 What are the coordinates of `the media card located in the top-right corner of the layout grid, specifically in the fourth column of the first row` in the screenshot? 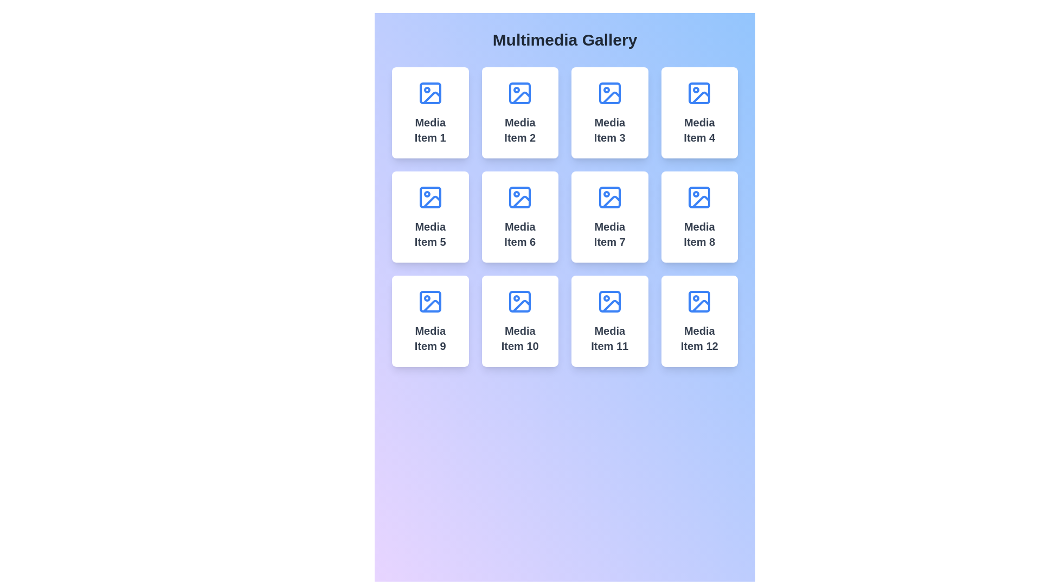 It's located at (699, 113).